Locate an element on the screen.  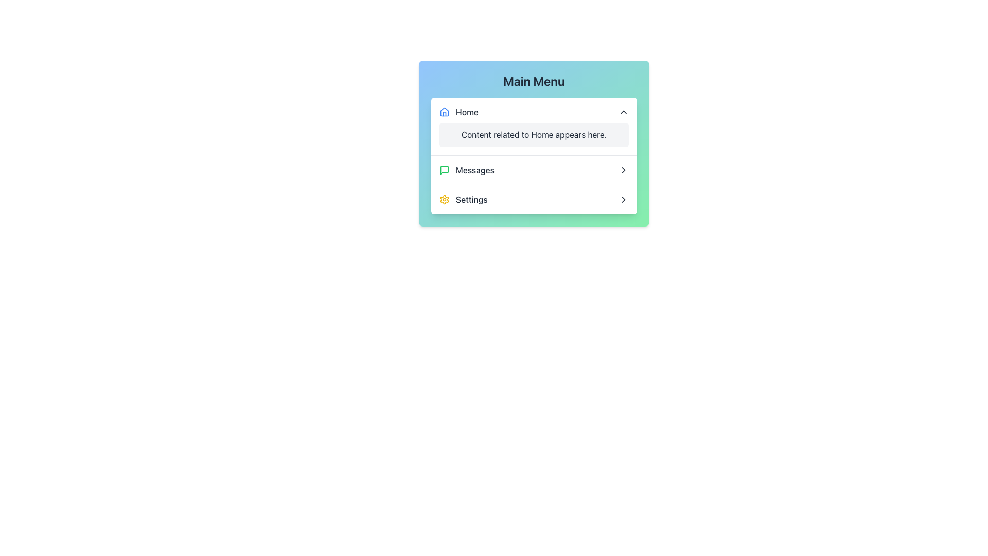
the gear-shaped yellow icon located next to the 'Settings' text label in the bottom row of the 'Main Menu' is located at coordinates (445, 200).